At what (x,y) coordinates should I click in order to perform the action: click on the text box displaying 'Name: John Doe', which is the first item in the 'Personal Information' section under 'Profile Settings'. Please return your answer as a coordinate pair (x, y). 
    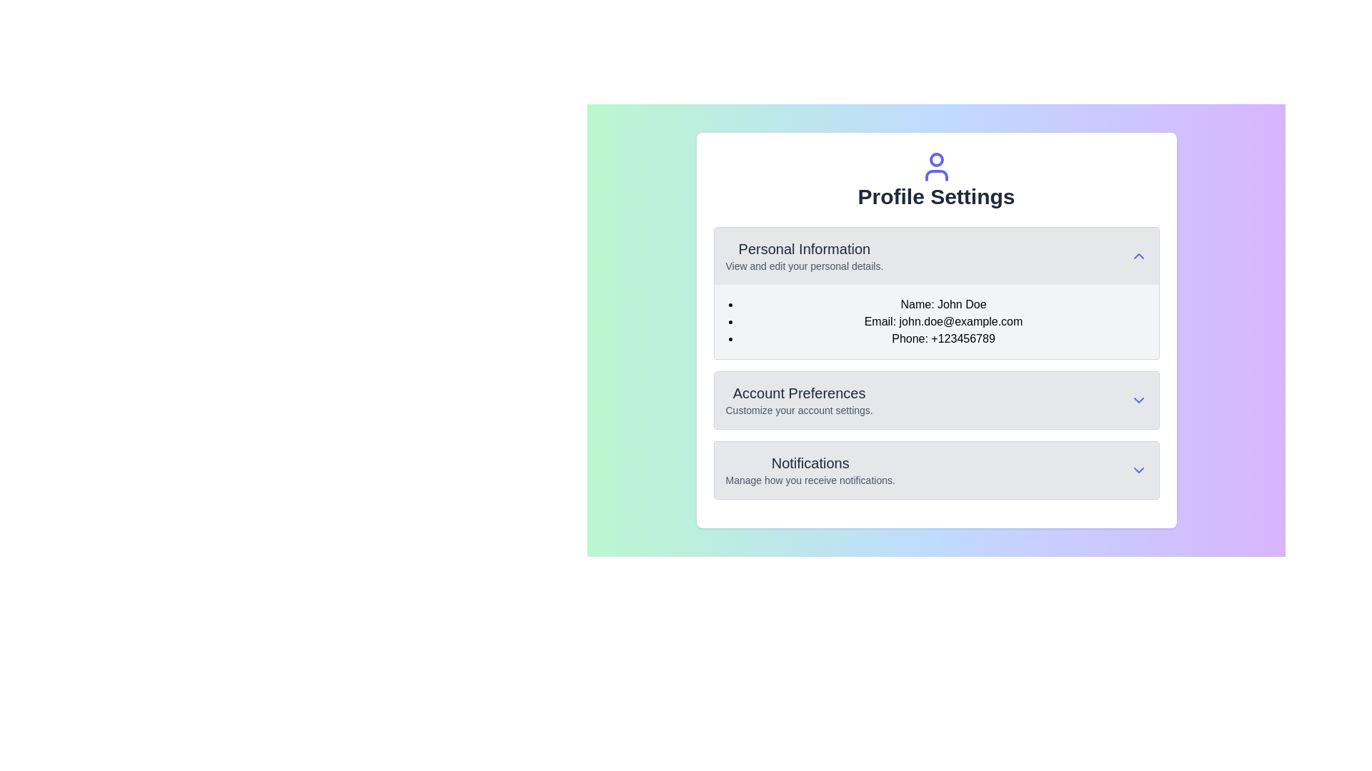
    Looking at the image, I should click on (943, 304).